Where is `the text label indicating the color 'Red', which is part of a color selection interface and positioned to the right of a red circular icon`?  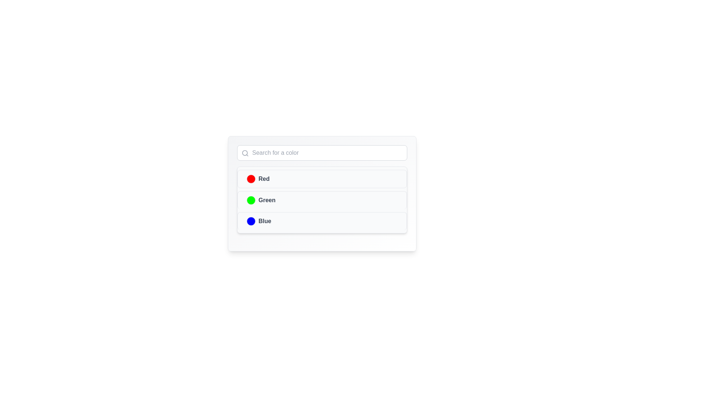
the text label indicating the color 'Red', which is part of a color selection interface and positioned to the right of a red circular icon is located at coordinates (264, 179).